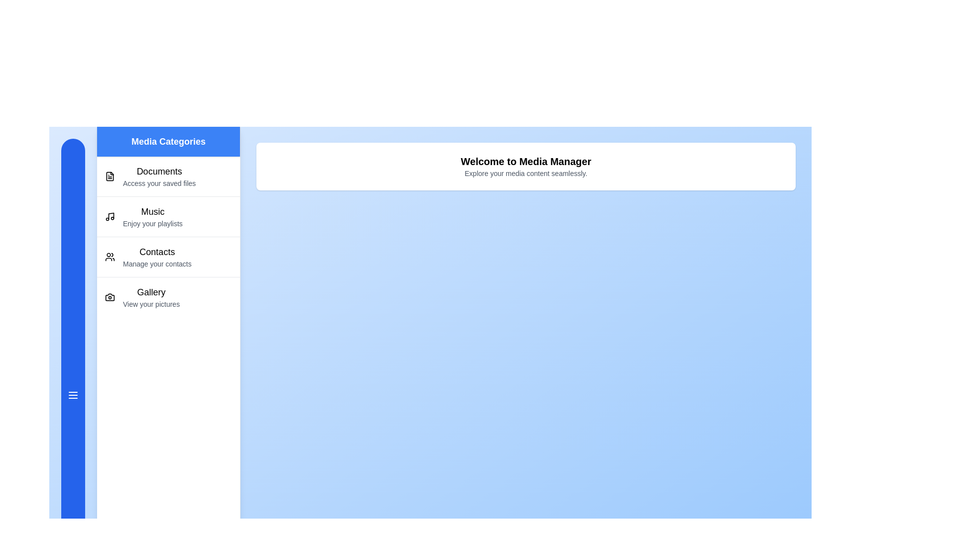 The height and width of the screenshot is (537, 956). Describe the element at coordinates (168, 256) in the screenshot. I see `the category Contacts to explore its details` at that location.